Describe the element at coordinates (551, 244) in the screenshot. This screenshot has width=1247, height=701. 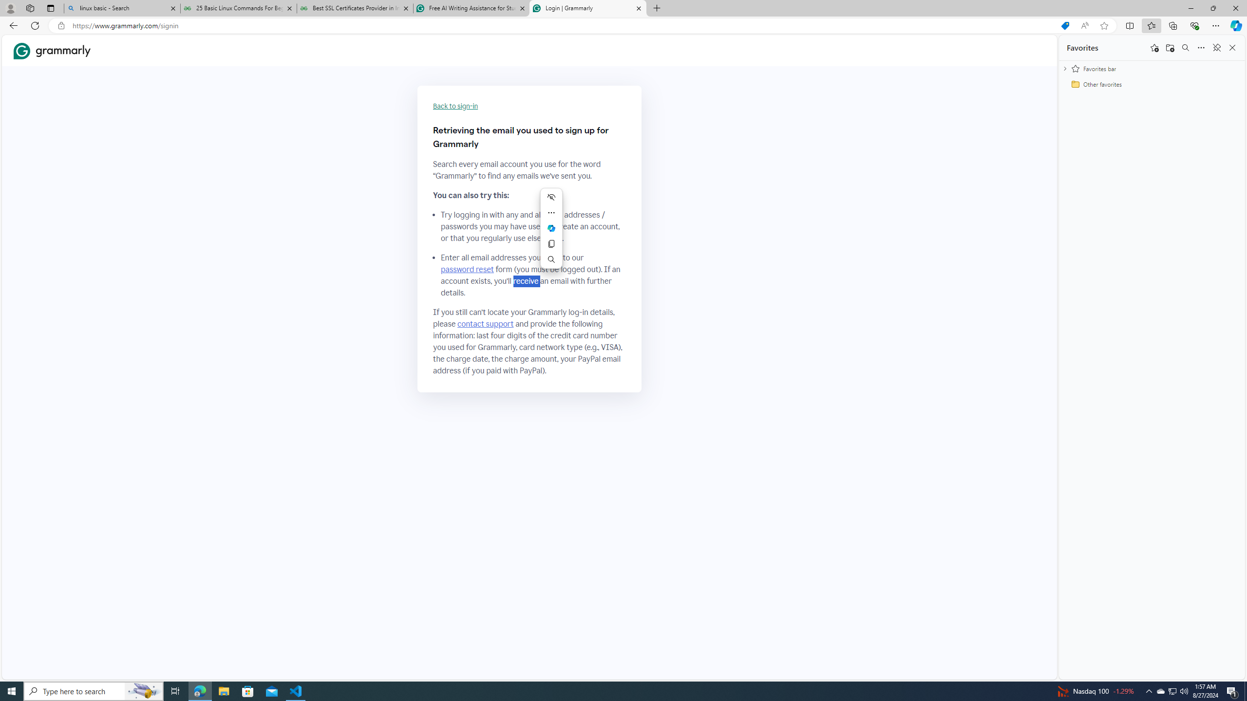
I see `'Copy'` at that location.